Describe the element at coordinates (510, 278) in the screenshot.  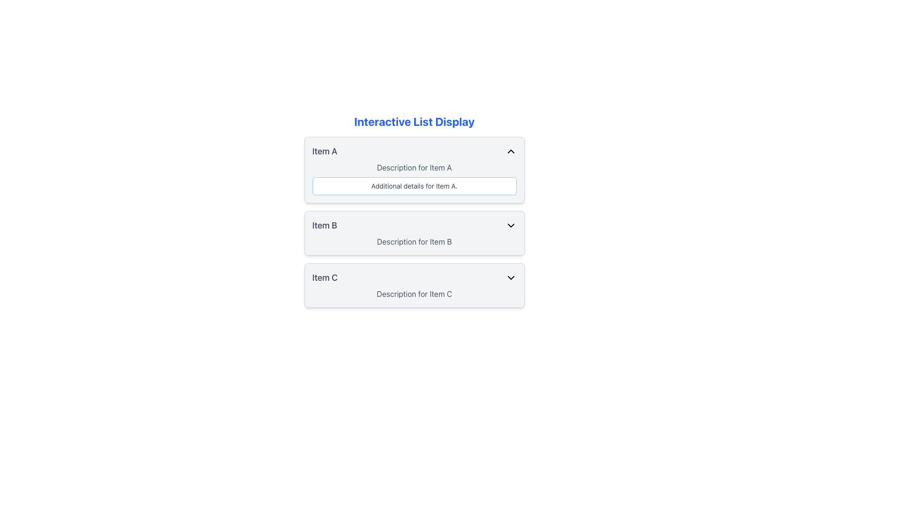
I see `the down-facing chevron icon associated with 'Item C'` at that location.